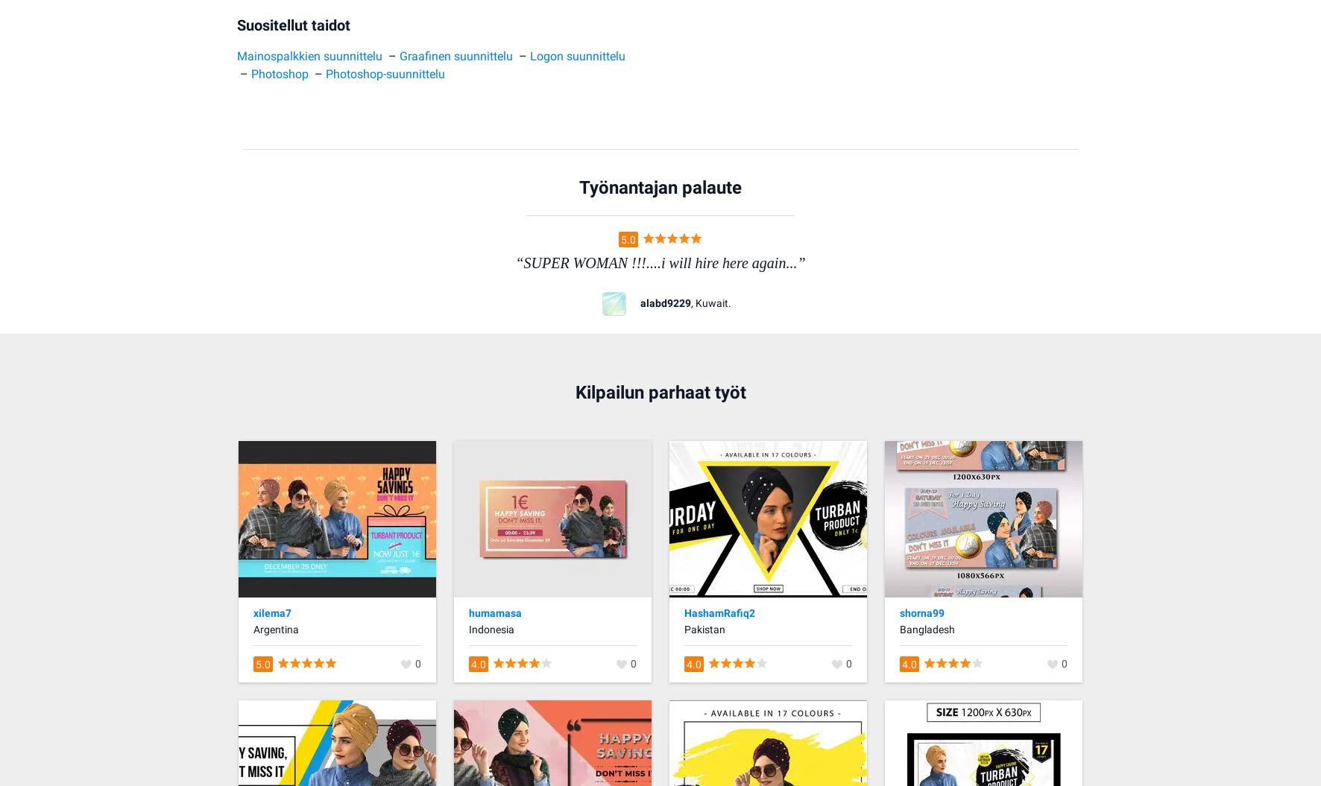  What do you see at coordinates (272, 612) in the screenshot?
I see `'xilema7'` at bounding box center [272, 612].